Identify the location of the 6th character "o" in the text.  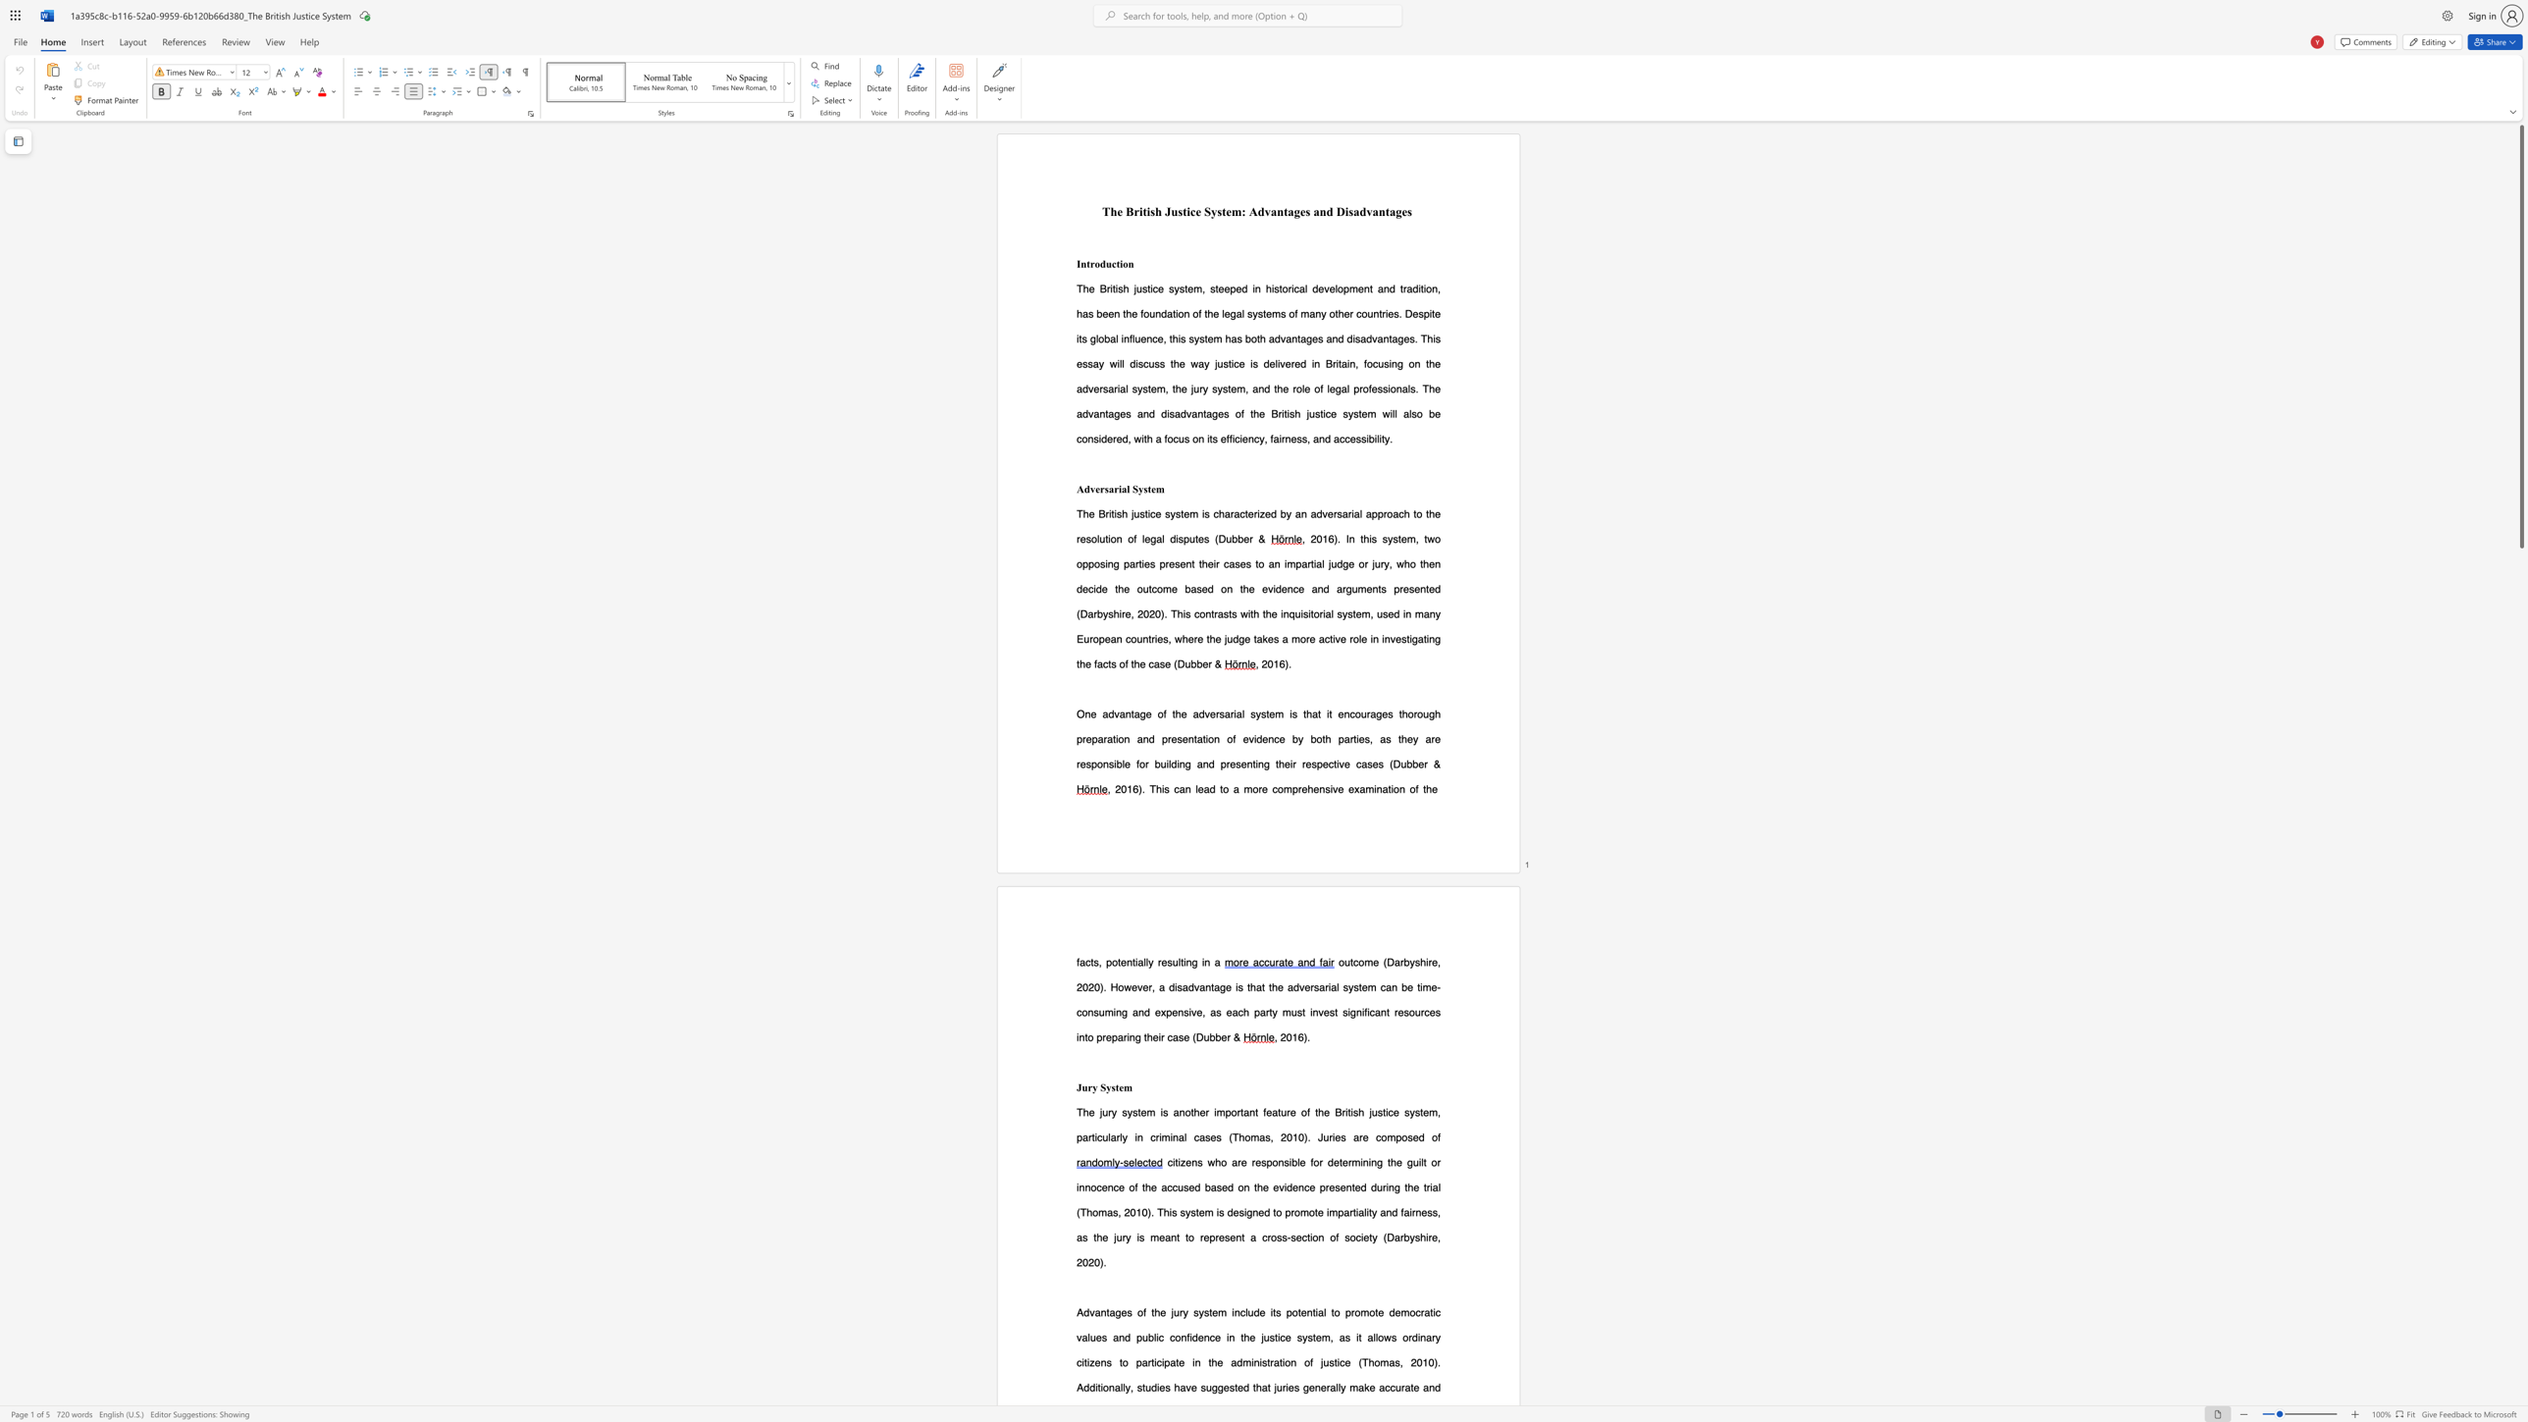
(1412, 1311).